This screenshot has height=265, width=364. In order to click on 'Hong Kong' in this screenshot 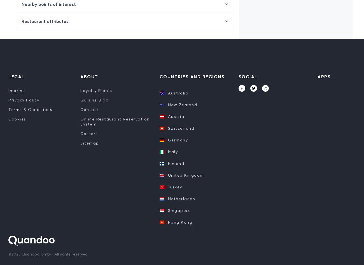, I will do `click(180, 222)`.